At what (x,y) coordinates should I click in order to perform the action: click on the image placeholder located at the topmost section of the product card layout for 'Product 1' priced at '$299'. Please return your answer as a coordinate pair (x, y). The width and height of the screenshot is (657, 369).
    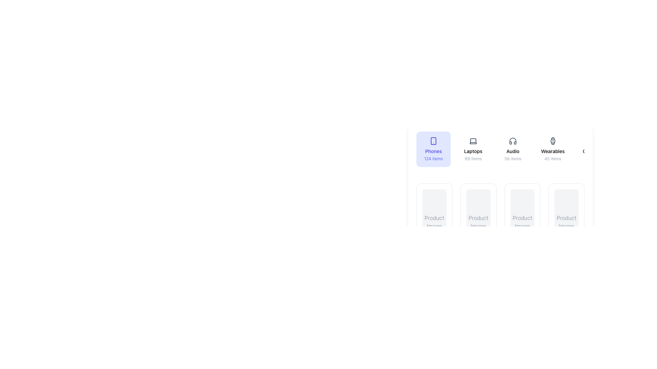
    Looking at the image, I should click on (434, 222).